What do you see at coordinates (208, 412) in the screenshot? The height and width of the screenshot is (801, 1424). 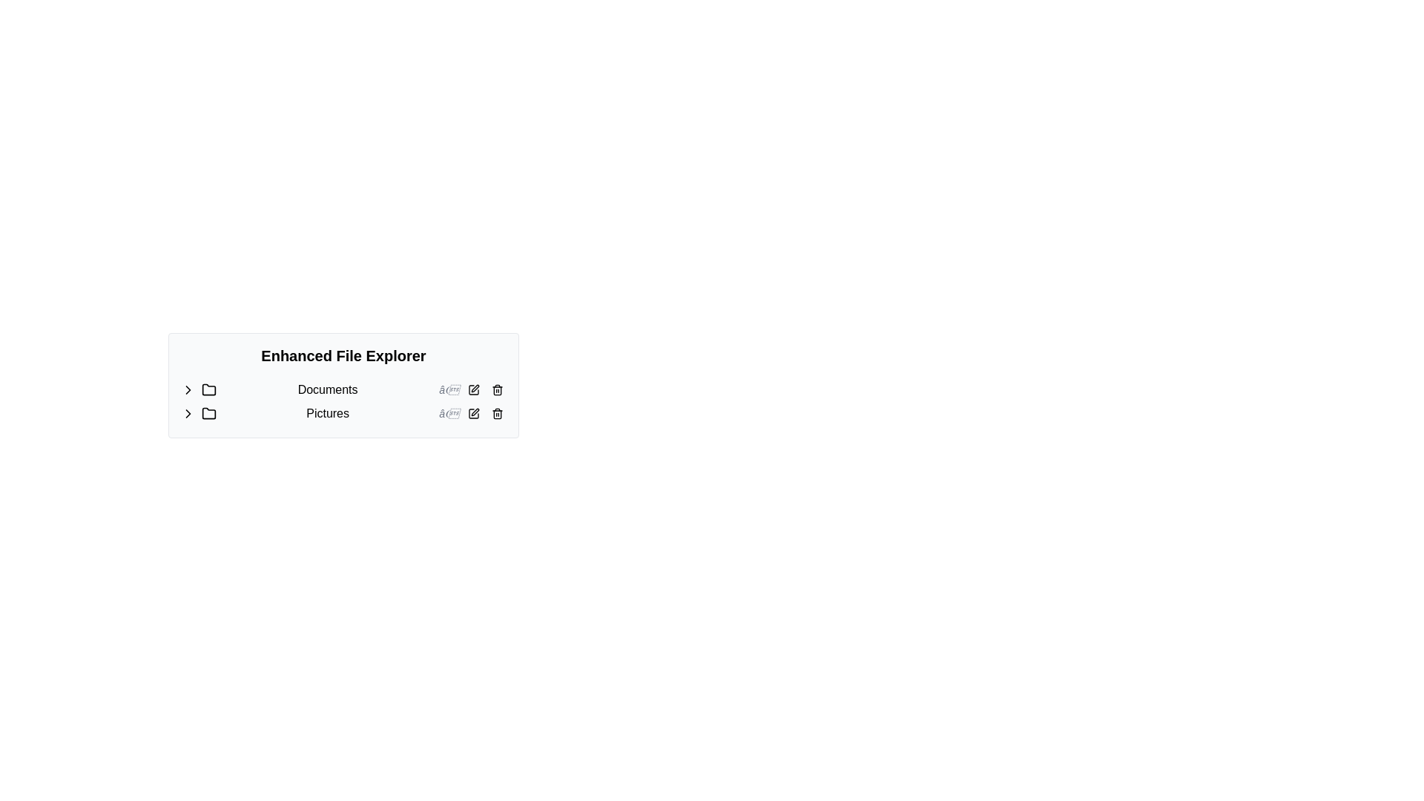 I see `the folder icon representing the 'Pictures' entry in the file explorer list, which is the second item in the sequence` at bounding box center [208, 412].